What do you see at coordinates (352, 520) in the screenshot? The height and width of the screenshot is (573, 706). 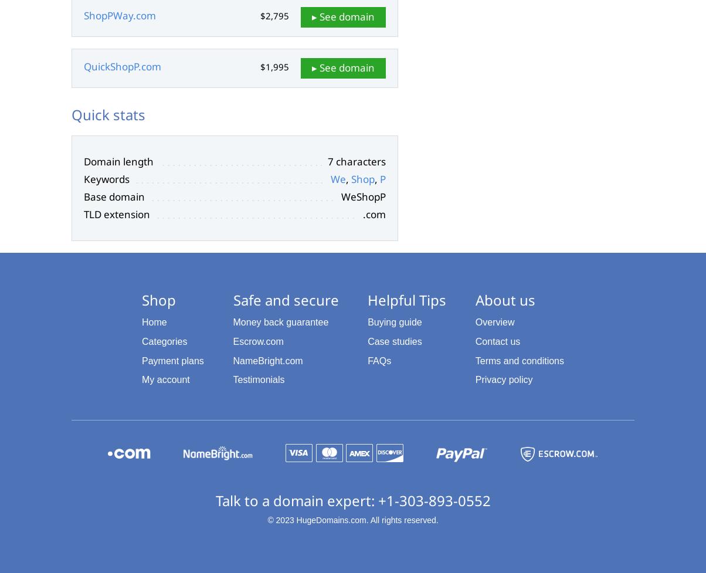 I see `'© 2023 HugeDomains.com. All rights reserved.'` at bounding box center [352, 520].